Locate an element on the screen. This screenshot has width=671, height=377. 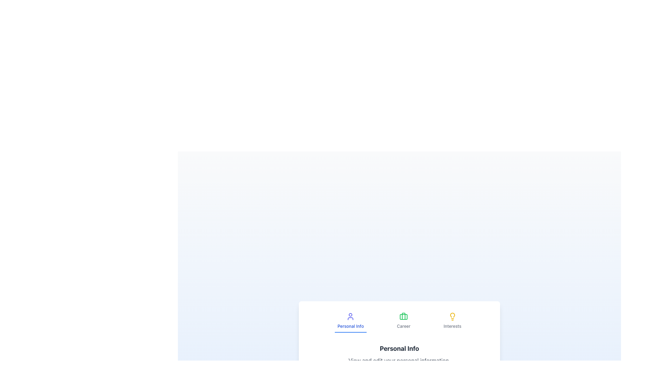
the text label displaying 'Interests', which is styled in gray color and positioned beneath a yellow lightbulb icon is located at coordinates (452, 326).